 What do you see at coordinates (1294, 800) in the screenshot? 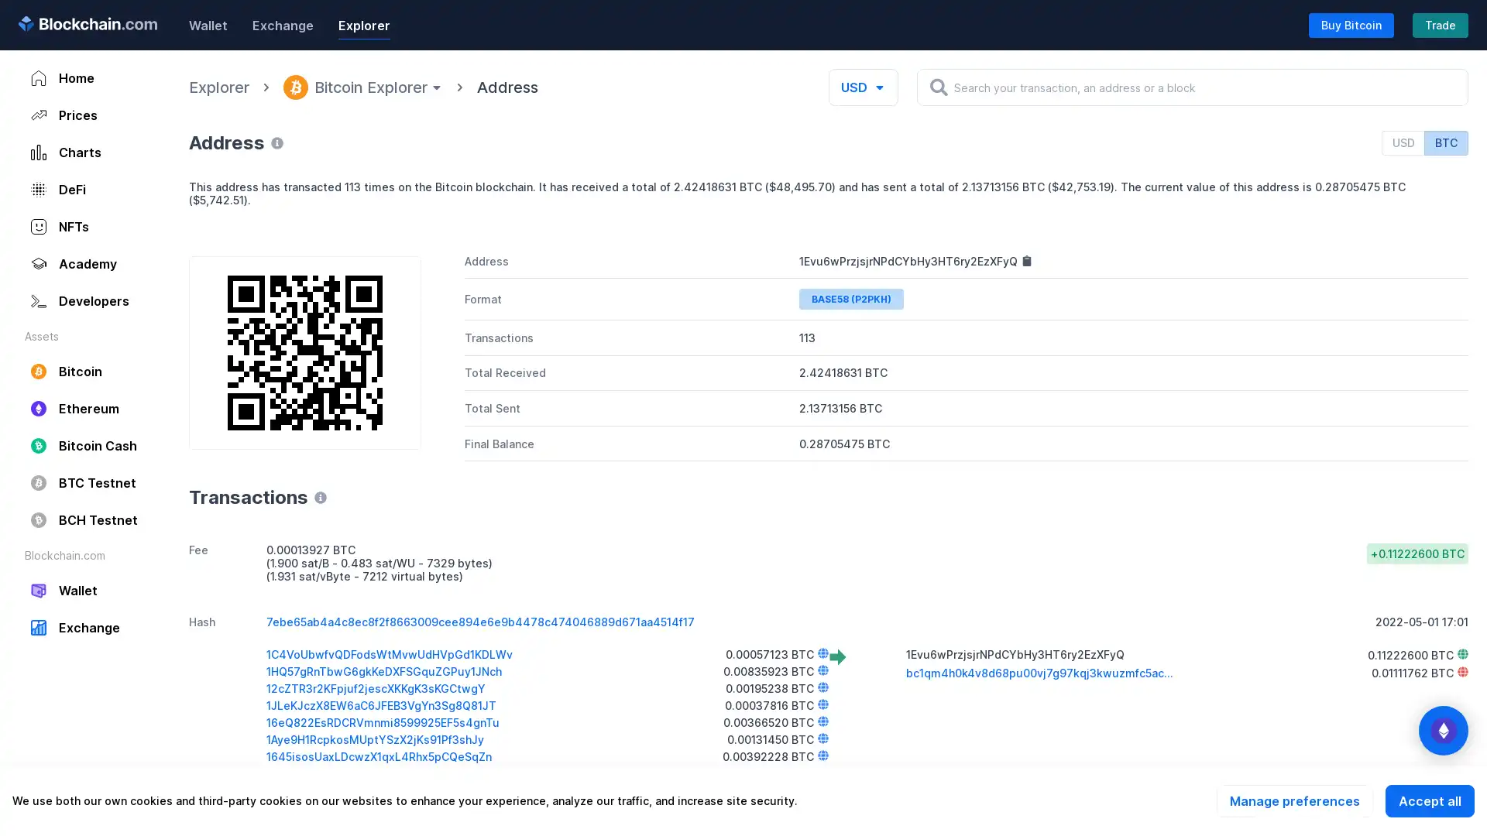
I see `Manage preferences` at bounding box center [1294, 800].